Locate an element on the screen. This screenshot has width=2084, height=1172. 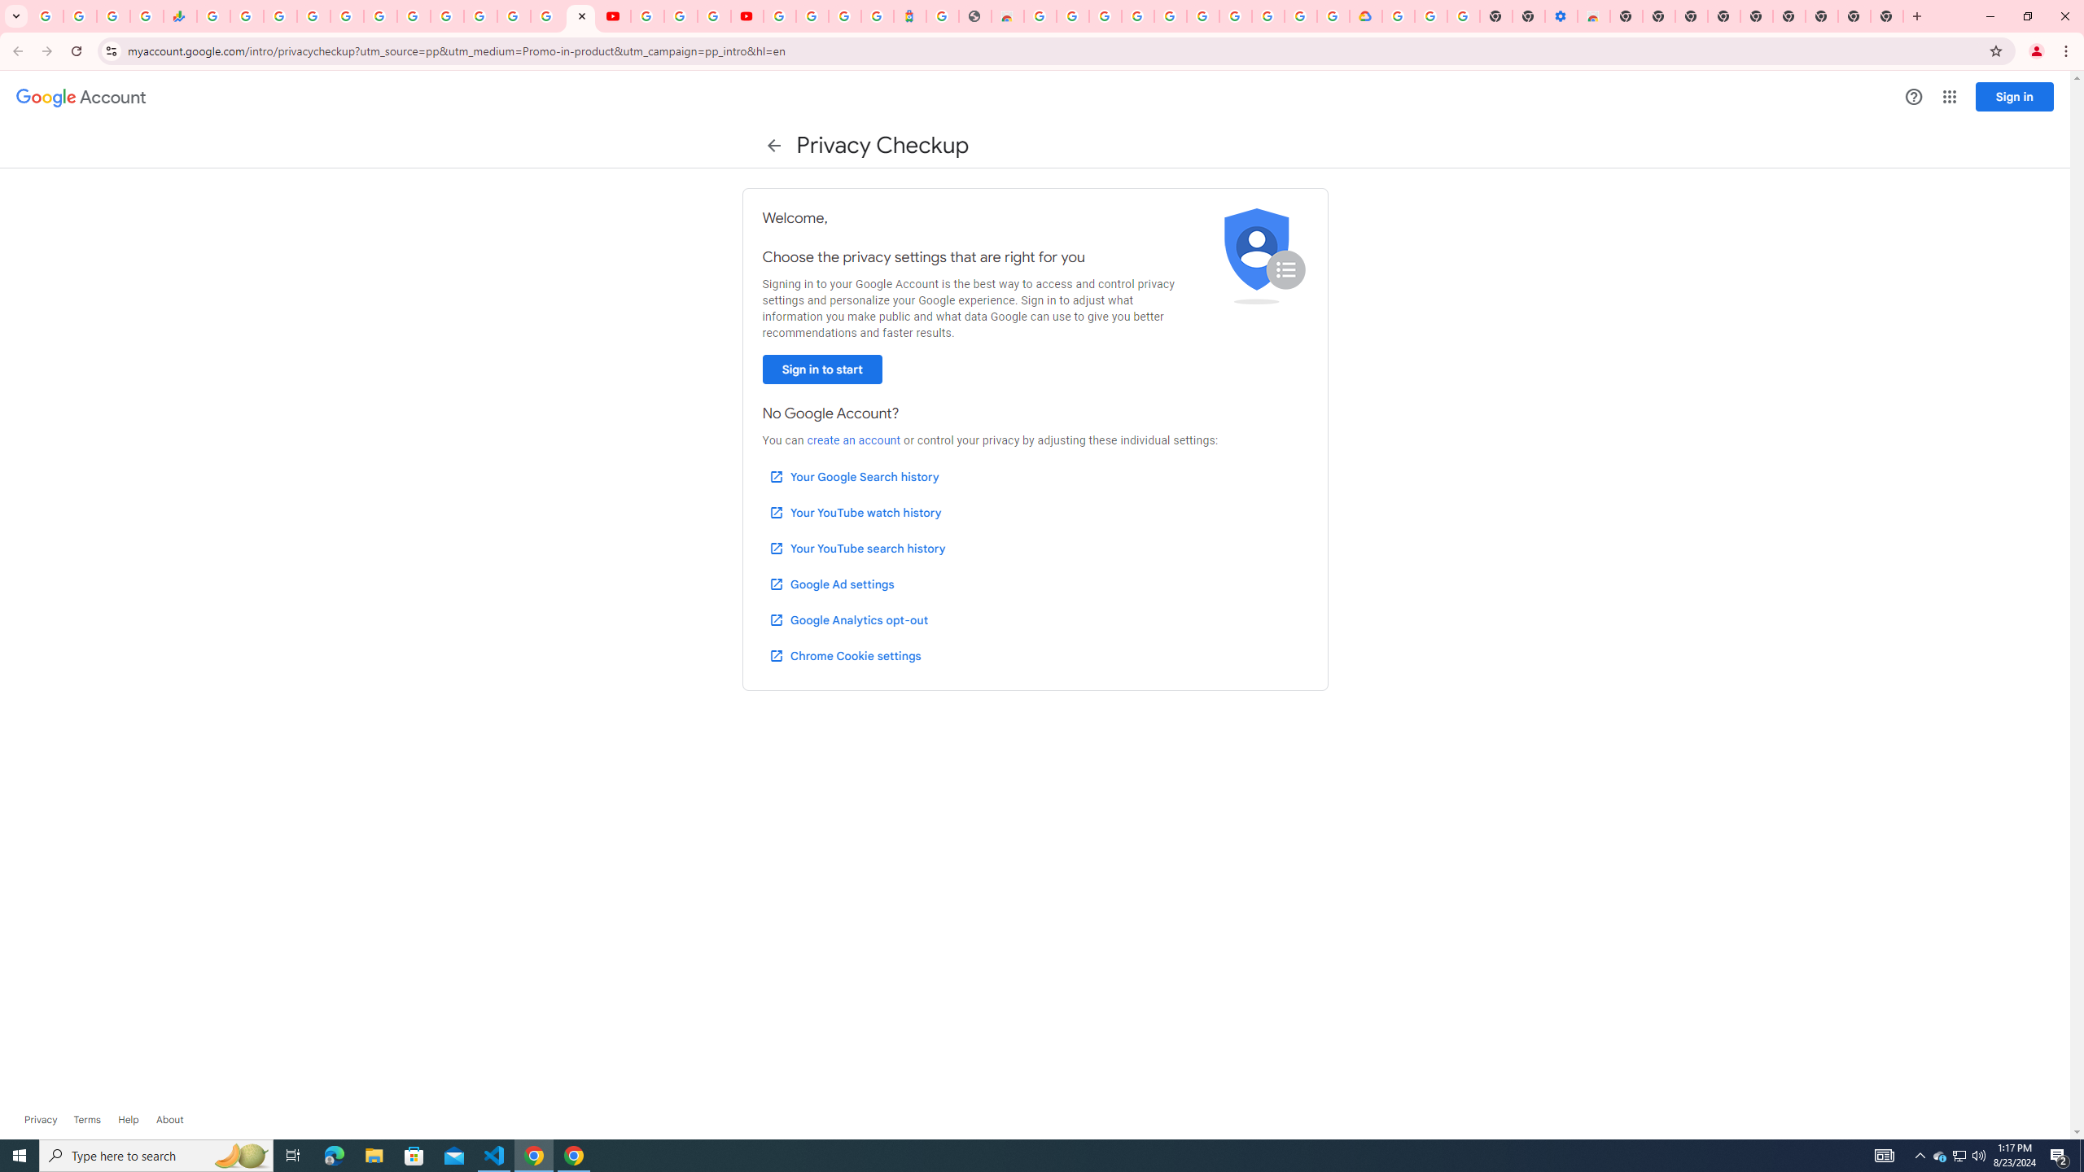
'Content Creator Programs & Opportunities - YouTube Creators' is located at coordinates (746, 15).